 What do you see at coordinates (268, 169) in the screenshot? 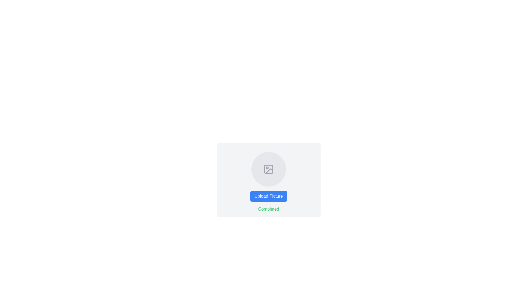
I see `the picture frame icon, which is a line drawing styled icon containing an outline of a circle and a diagonal line, located above the 'Upload Picture' button` at bounding box center [268, 169].